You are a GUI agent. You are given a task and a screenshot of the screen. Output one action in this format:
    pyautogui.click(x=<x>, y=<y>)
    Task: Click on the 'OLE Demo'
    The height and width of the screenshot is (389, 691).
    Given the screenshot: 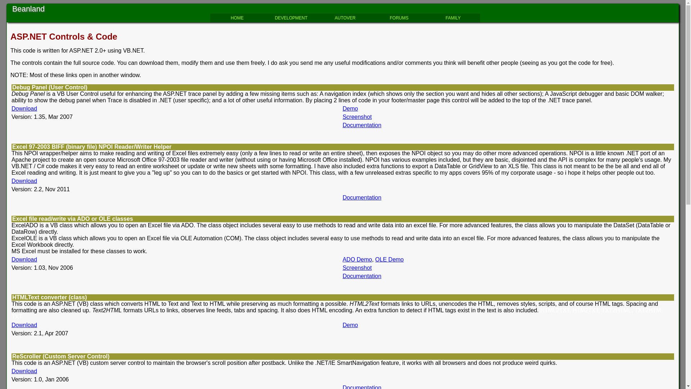 What is the action you would take?
    pyautogui.click(x=389, y=259)
    